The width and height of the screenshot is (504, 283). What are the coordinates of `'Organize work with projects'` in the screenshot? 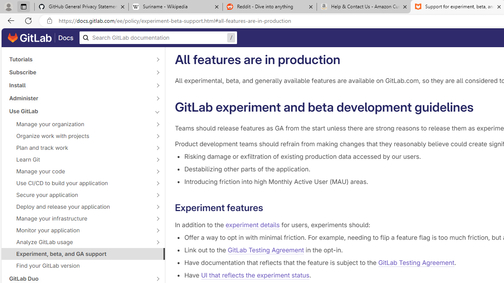 It's located at (79, 135).